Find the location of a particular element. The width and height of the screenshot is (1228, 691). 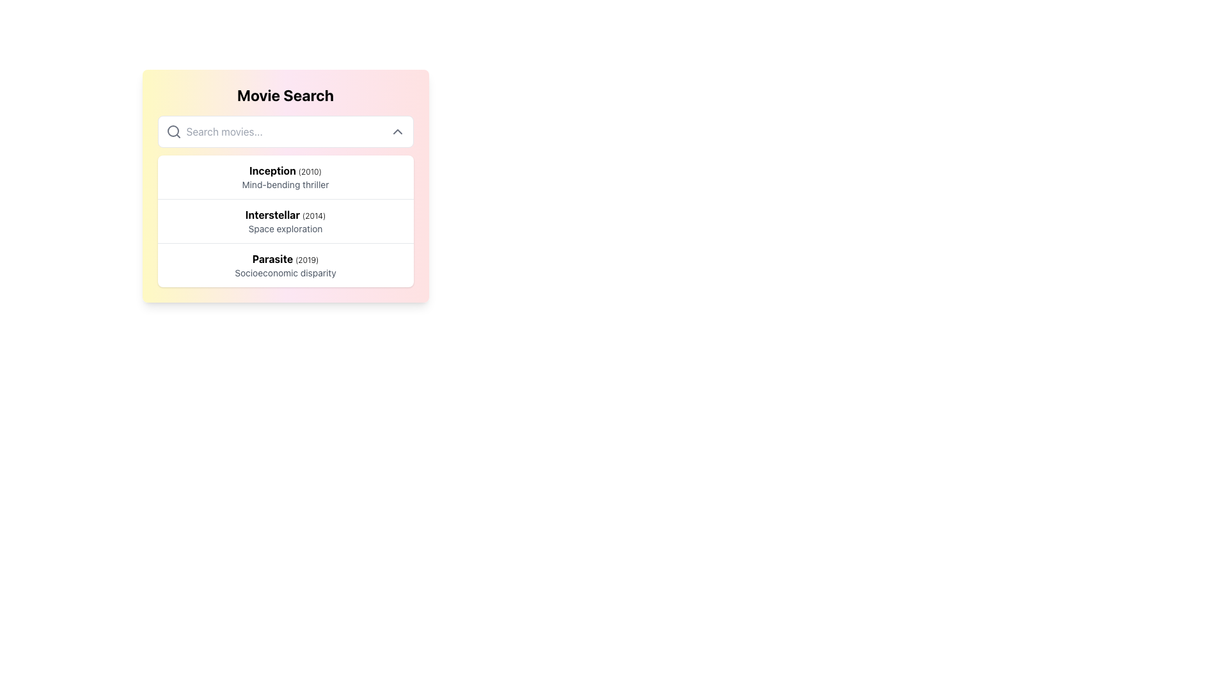

the Text label indicating the title and year of the movie 'Interstellar' in the movie search interface is located at coordinates (285, 214).